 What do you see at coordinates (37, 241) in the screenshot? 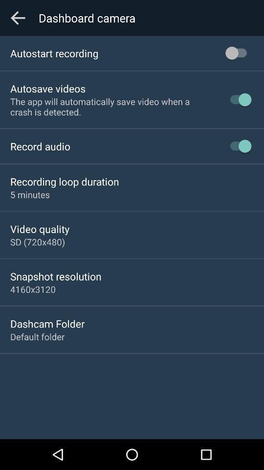
I see `item below the video quality` at bounding box center [37, 241].